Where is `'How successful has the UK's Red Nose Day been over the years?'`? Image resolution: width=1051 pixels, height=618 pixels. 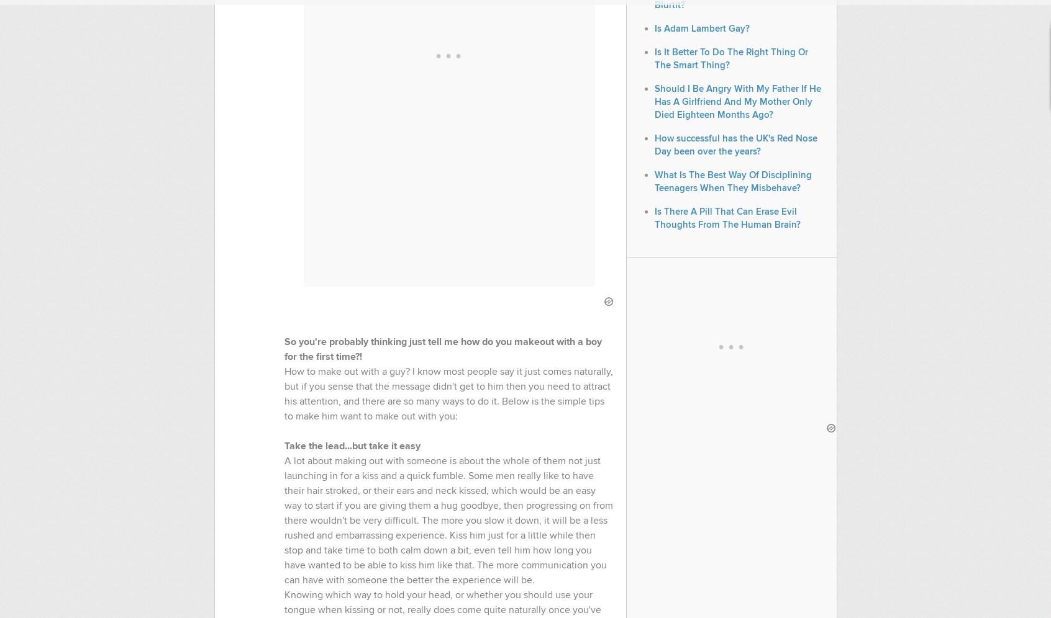 'How successful has the UK's Red Nose Day been over the years?' is located at coordinates (735, 144).